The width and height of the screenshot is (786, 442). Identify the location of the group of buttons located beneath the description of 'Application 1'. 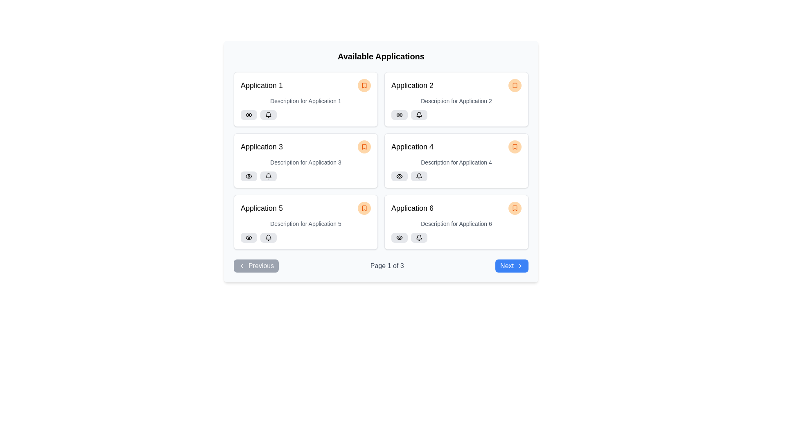
(305, 115).